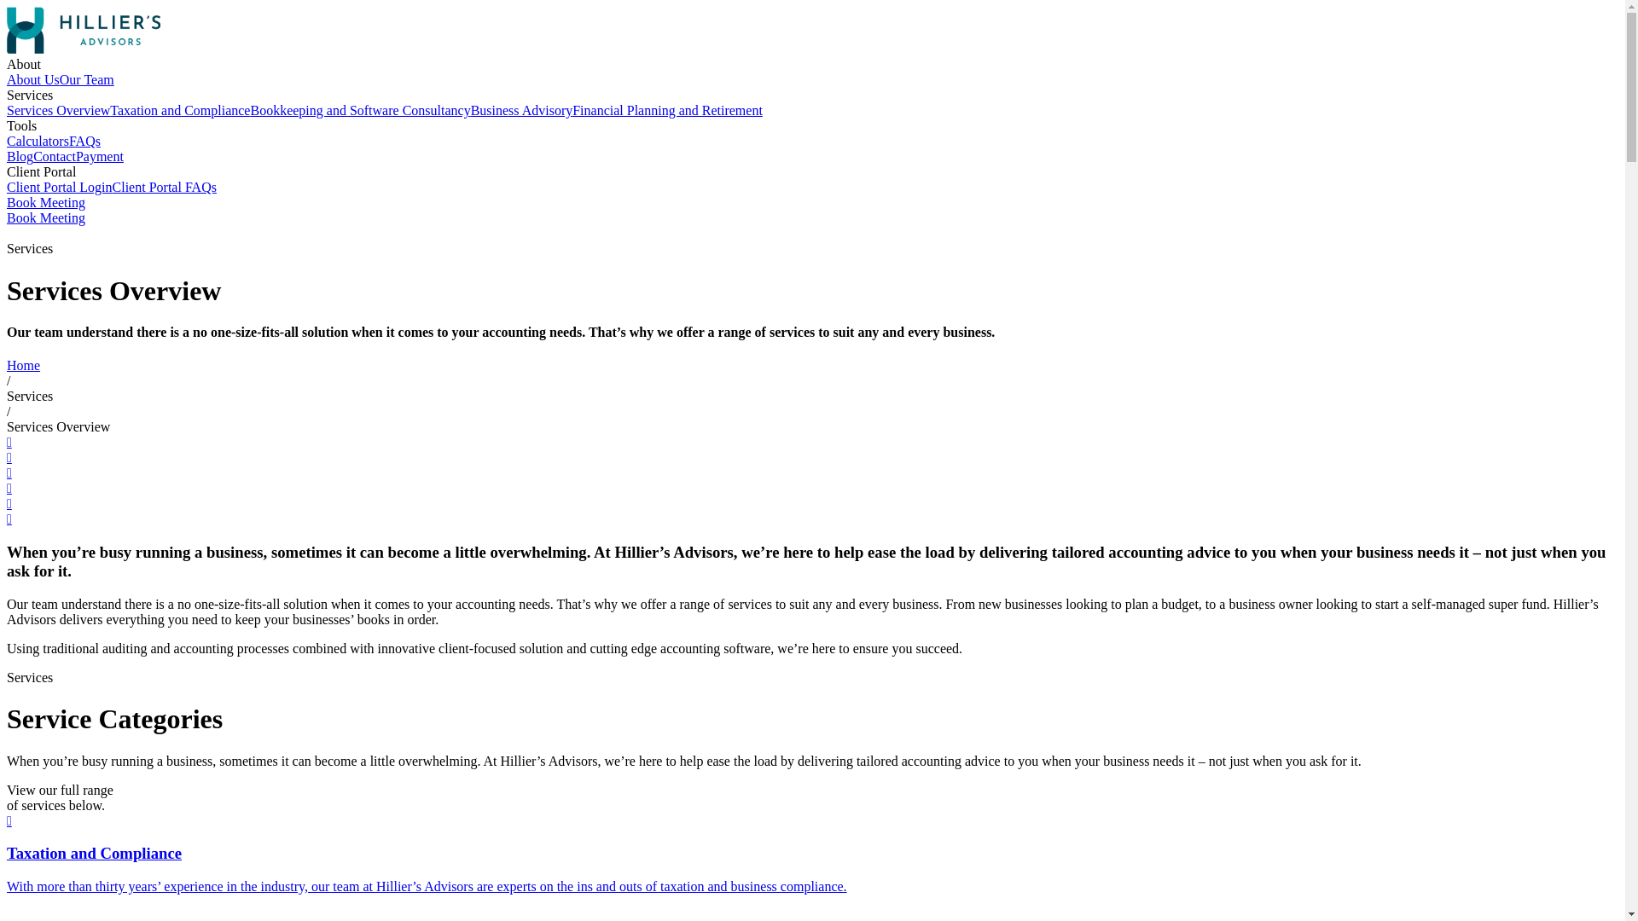 The image size is (1638, 921). What do you see at coordinates (32, 79) in the screenshot?
I see `'About Us'` at bounding box center [32, 79].